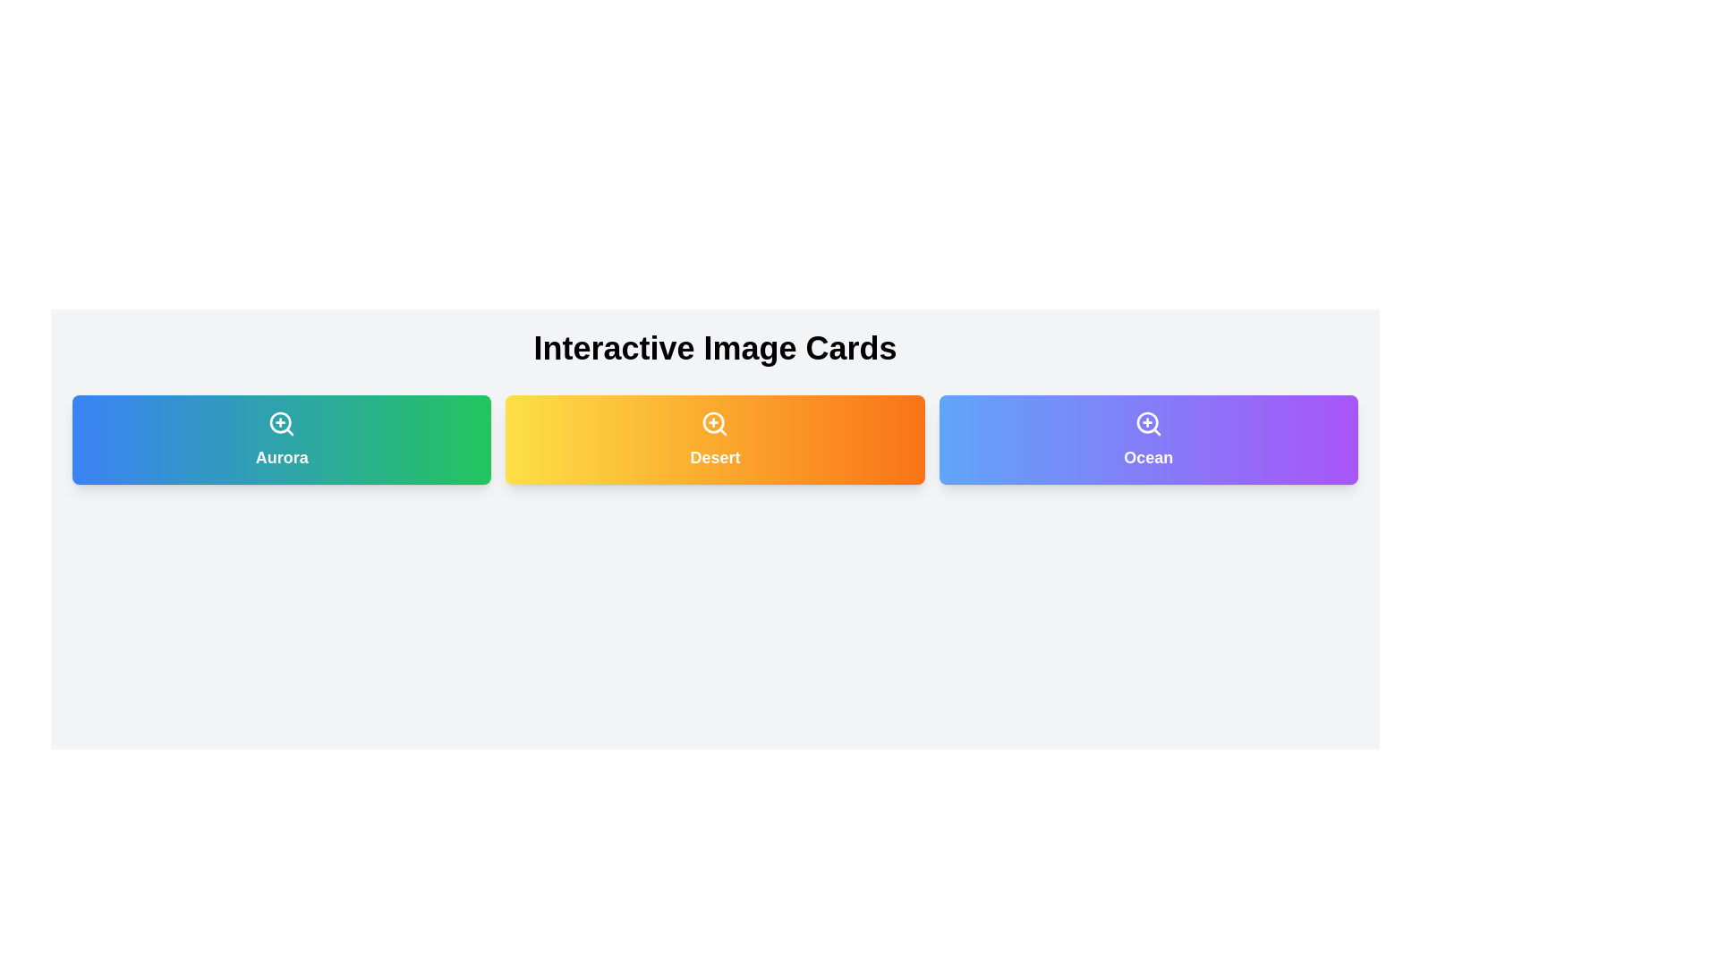  I want to click on the magnifying glass icon with a plus sign inside, located on an orange gradient background within the 'Desert' card, so click(714, 424).